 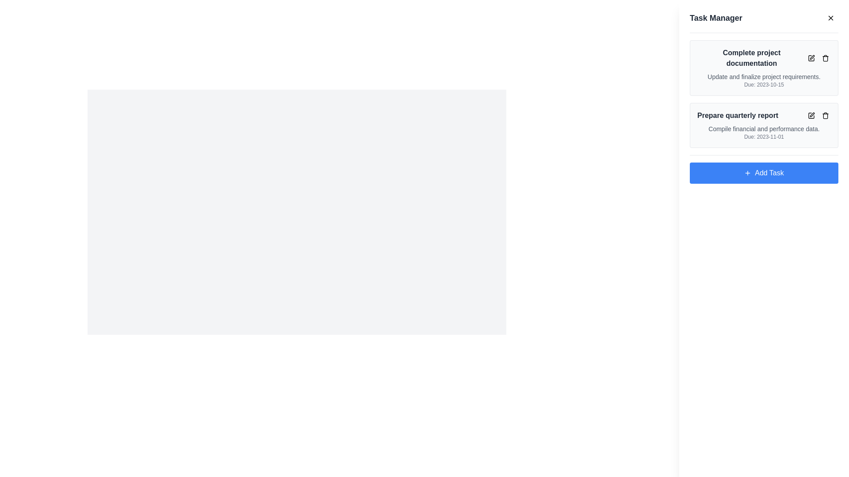 What do you see at coordinates (747, 173) in the screenshot?
I see `the add or create icon located on the left side of the 'Add Task' text in the blue rectangular 'Add Task' button at the bottom of the right-hand panel` at bounding box center [747, 173].